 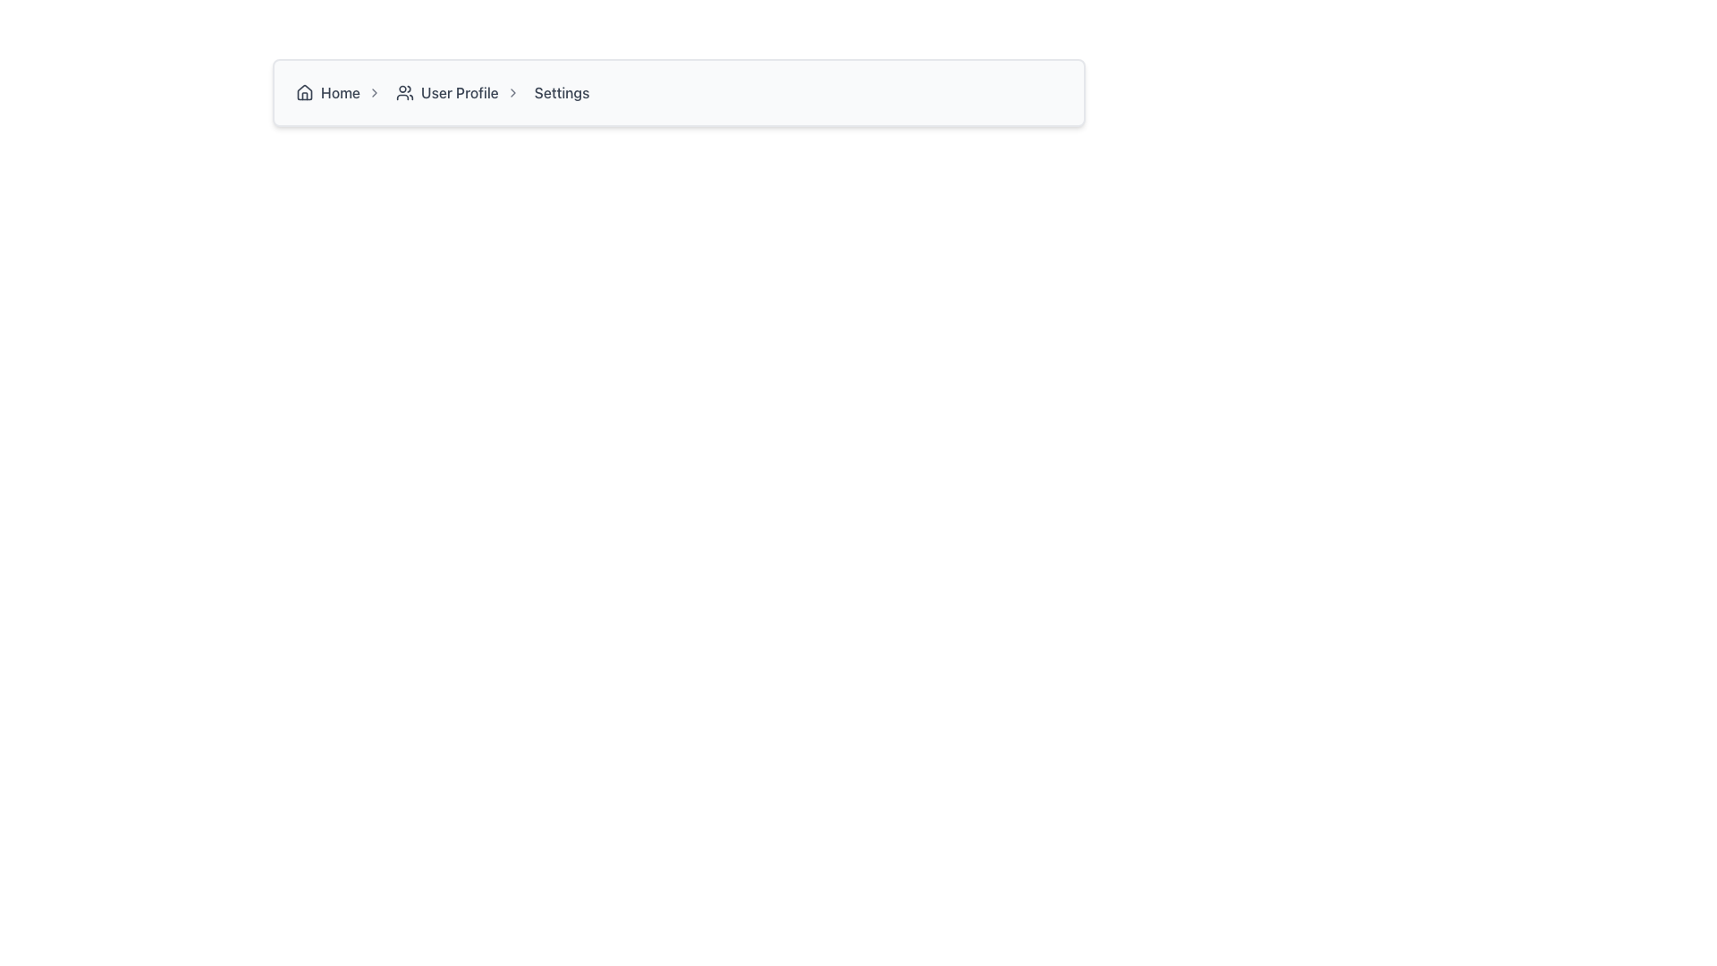 What do you see at coordinates (460, 93) in the screenshot?
I see `text of the 'User Profile' navigational label, which is the second breadcrumb link in the navigation sequence` at bounding box center [460, 93].